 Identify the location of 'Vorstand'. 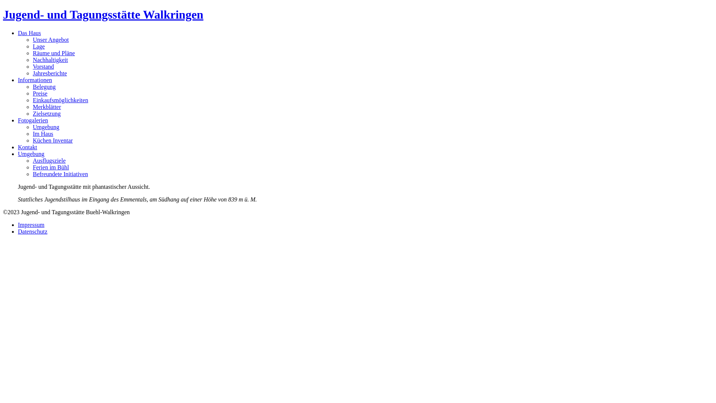
(43, 66).